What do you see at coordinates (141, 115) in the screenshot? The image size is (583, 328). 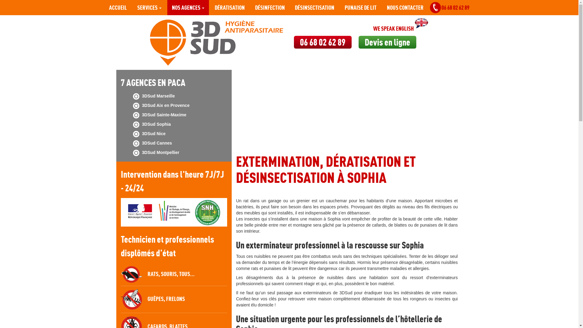 I see `'3DSud Sainte-Maxime'` at bounding box center [141, 115].